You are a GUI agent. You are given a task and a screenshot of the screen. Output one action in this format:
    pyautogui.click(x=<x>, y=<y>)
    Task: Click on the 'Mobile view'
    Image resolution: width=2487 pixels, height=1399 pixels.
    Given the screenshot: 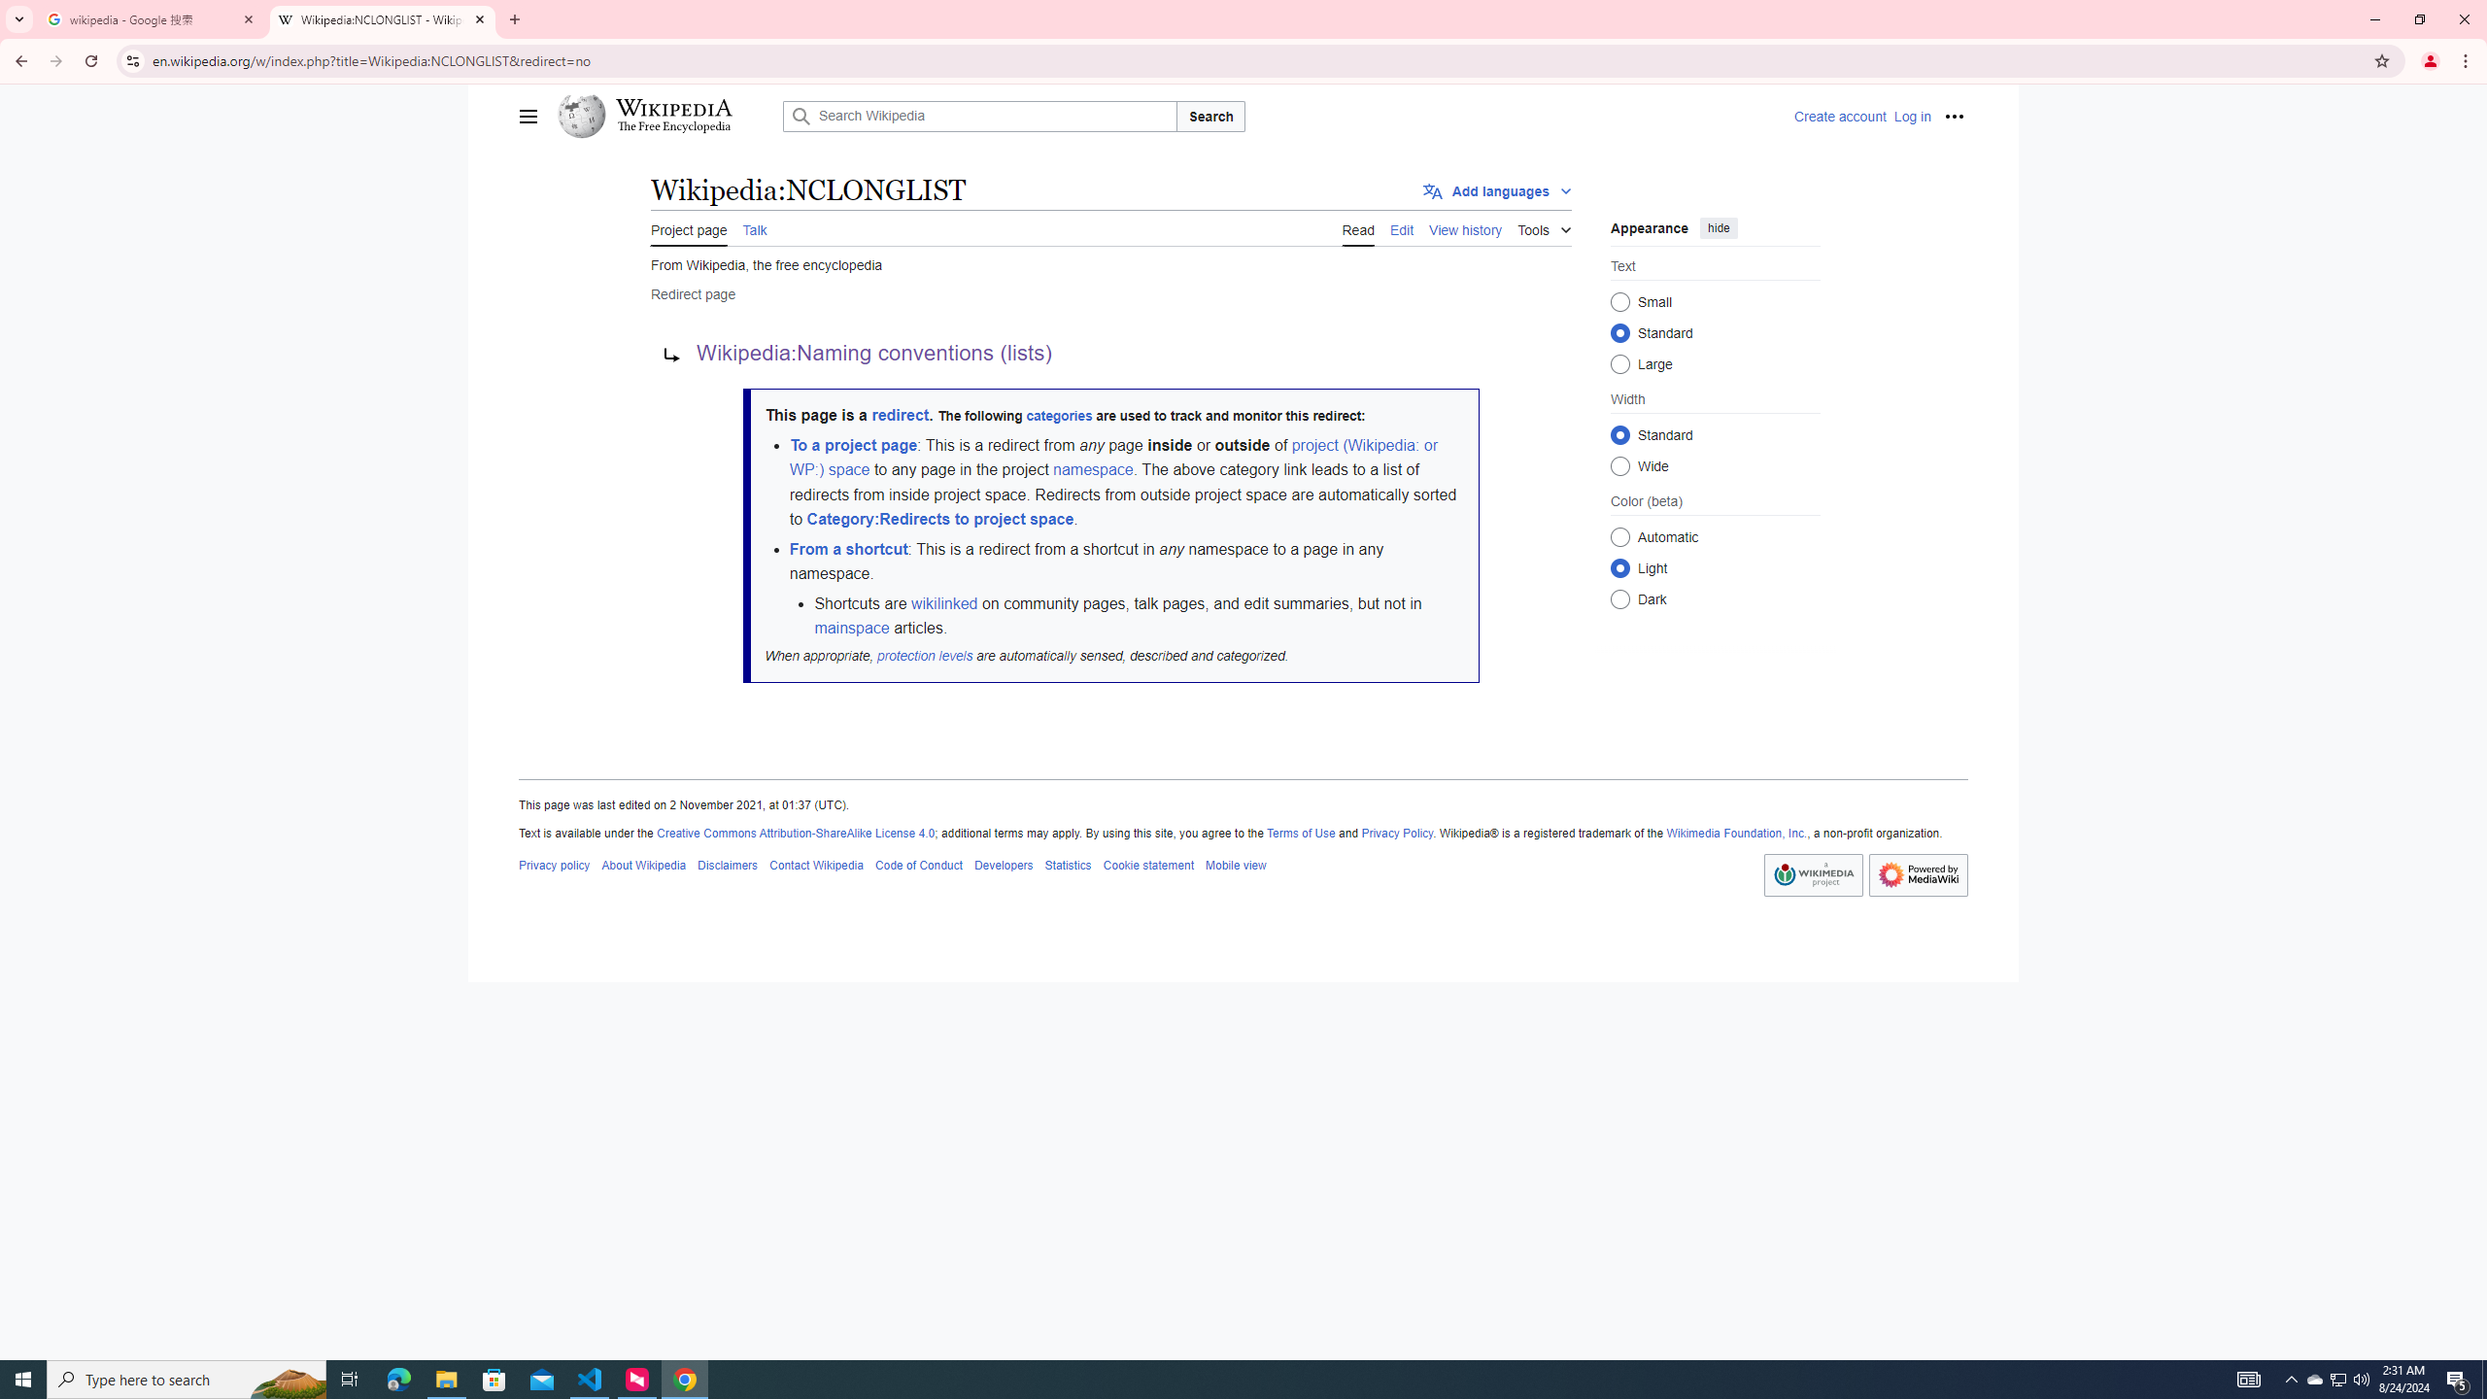 What is the action you would take?
    pyautogui.click(x=1235, y=864)
    